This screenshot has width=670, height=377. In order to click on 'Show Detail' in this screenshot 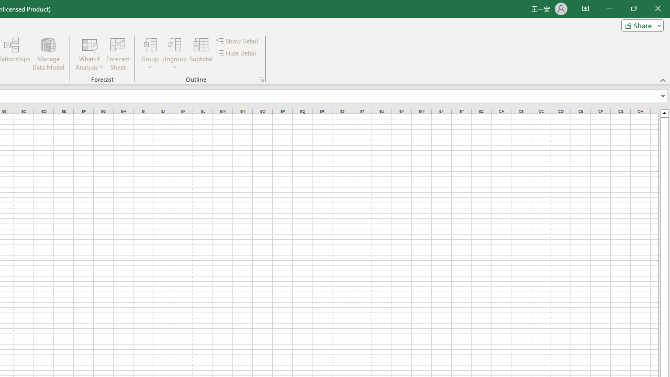, I will do `click(238, 40)`.